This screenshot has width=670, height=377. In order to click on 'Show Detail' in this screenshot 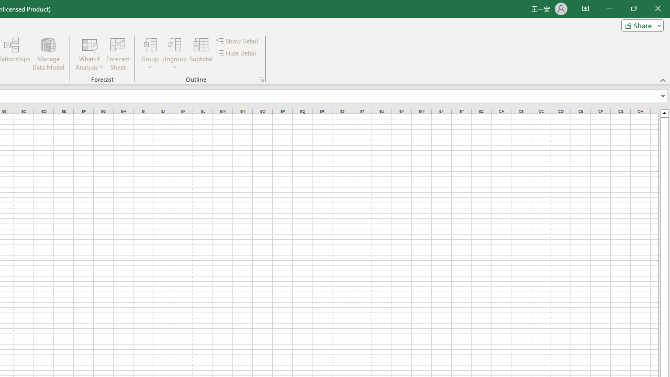, I will do `click(238, 40)`.